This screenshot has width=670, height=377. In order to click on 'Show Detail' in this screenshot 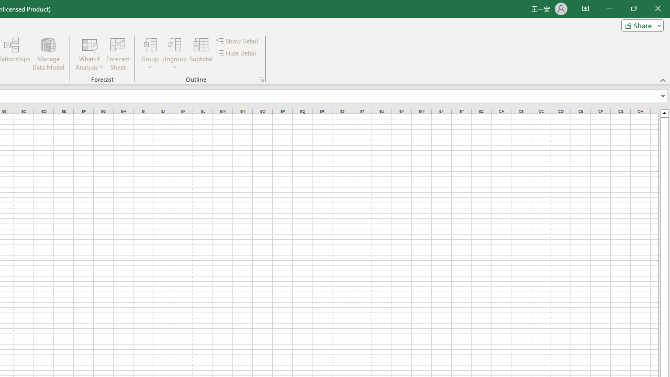, I will do `click(238, 40)`.